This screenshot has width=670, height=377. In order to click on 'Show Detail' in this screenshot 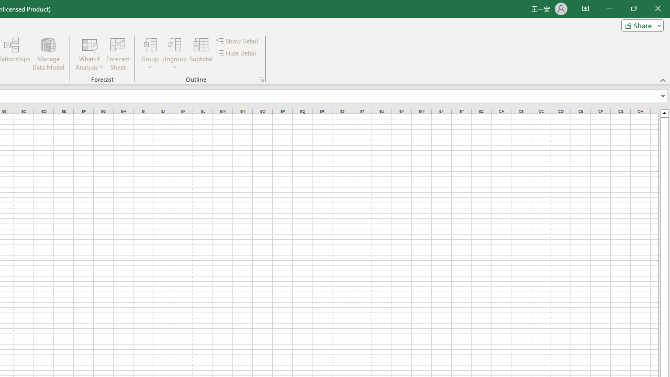, I will do `click(238, 40)`.